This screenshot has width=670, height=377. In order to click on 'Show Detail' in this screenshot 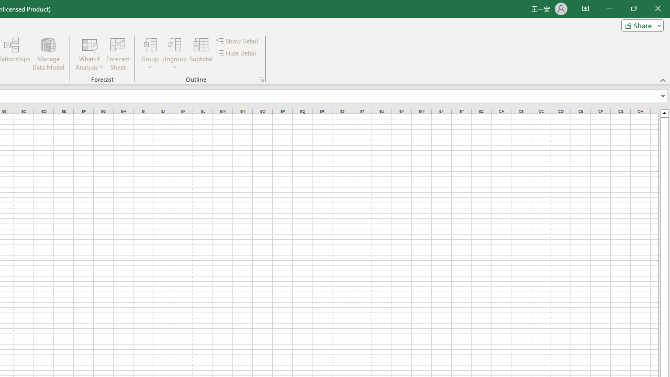, I will do `click(238, 40)`.